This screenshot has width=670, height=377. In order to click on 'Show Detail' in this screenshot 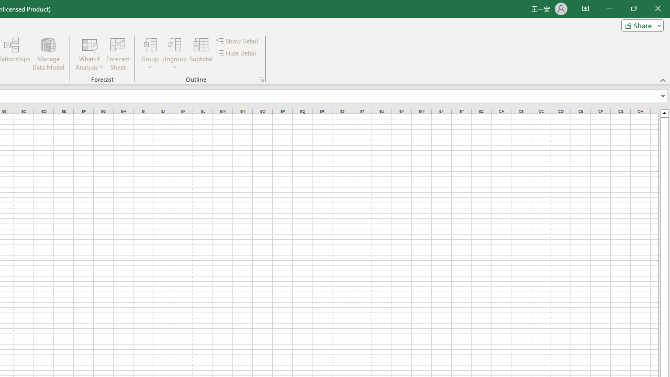, I will do `click(238, 40)`.